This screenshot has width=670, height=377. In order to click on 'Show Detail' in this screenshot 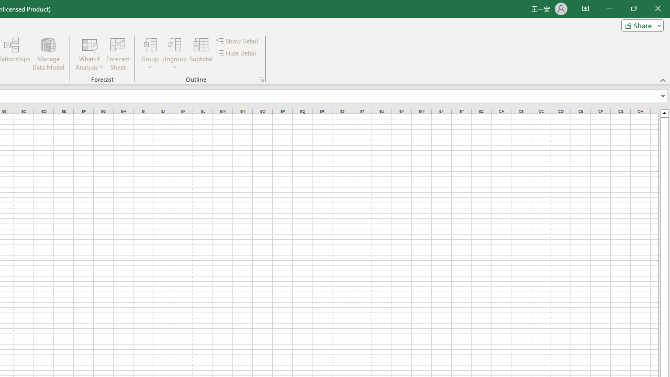, I will do `click(238, 40)`.